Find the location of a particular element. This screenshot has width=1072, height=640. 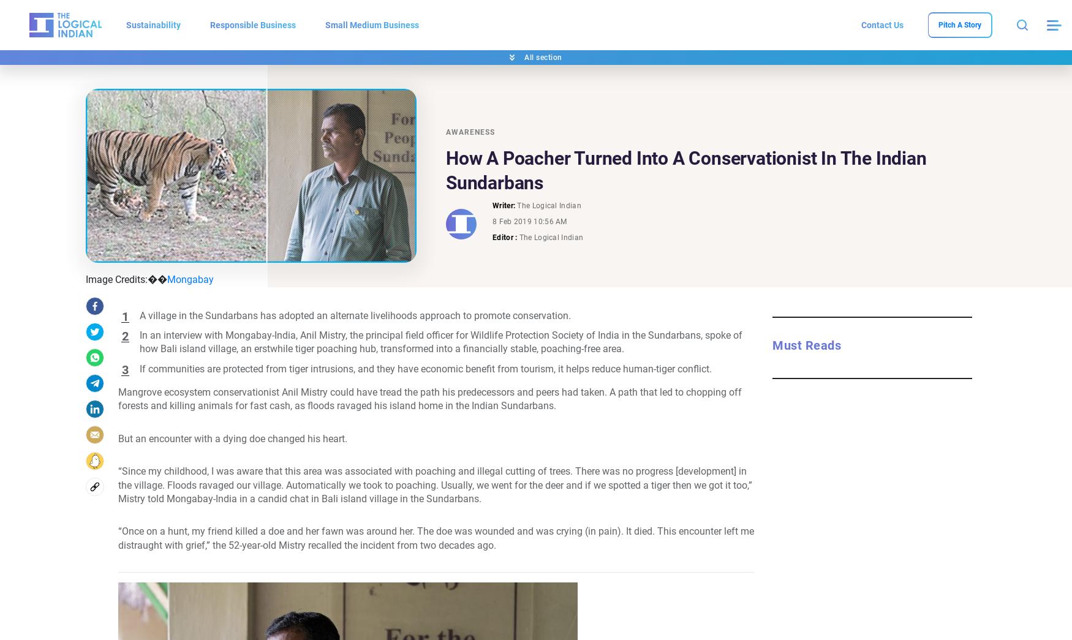

'Writer:' is located at coordinates (504, 205).